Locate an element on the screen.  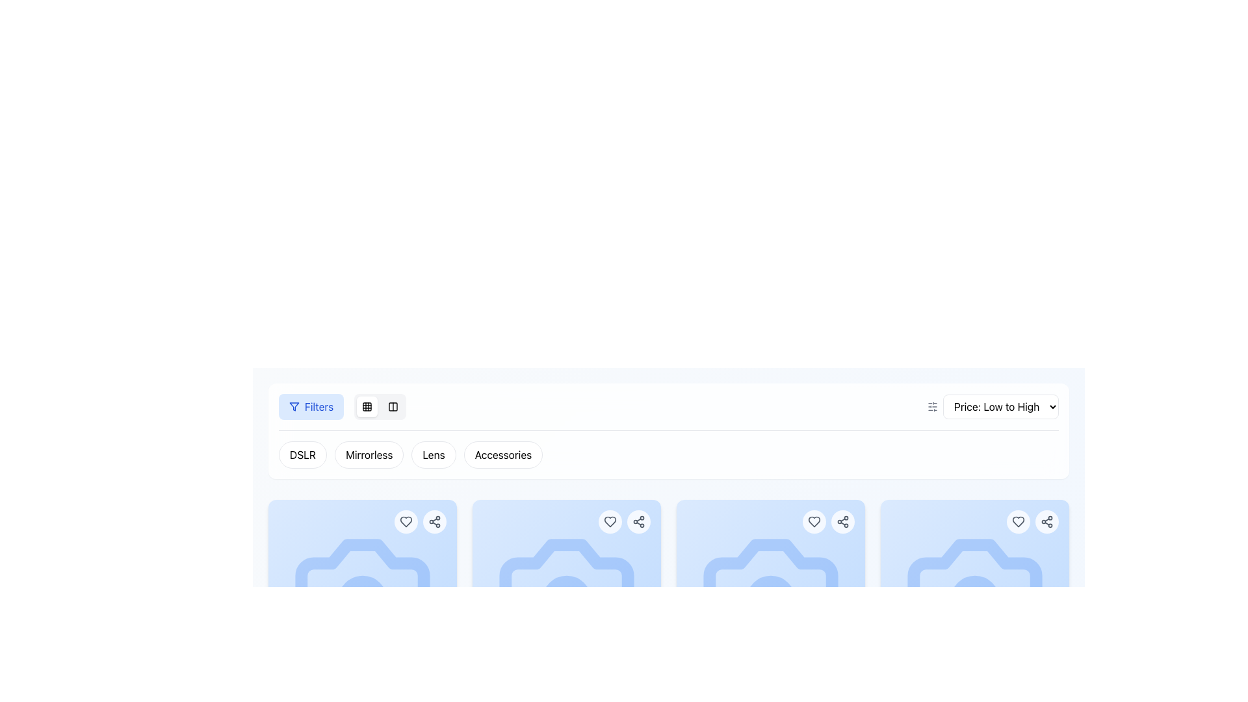
the circular button with a heart icon outline in the top-right corner of the product card is located at coordinates (813, 521).